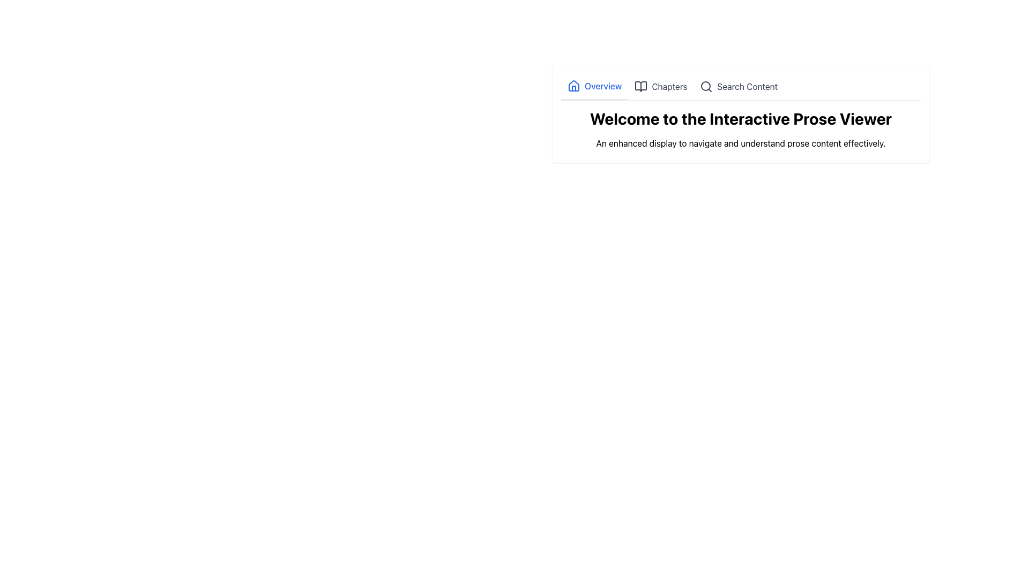 Image resolution: width=1029 pixels, height=578 pixels. What do you see at coordinates (573, 86) in the screenshot?
I see `the 'Overview' icon located in the top right navigation bar` at bounding box center [573, 86].